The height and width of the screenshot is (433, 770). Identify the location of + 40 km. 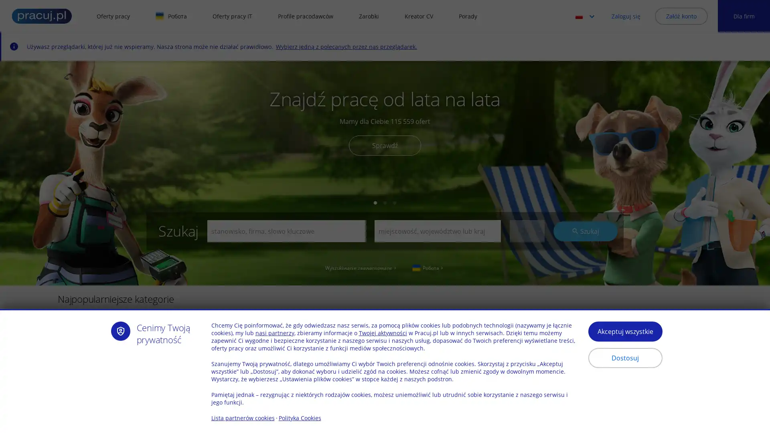
(527, 344).